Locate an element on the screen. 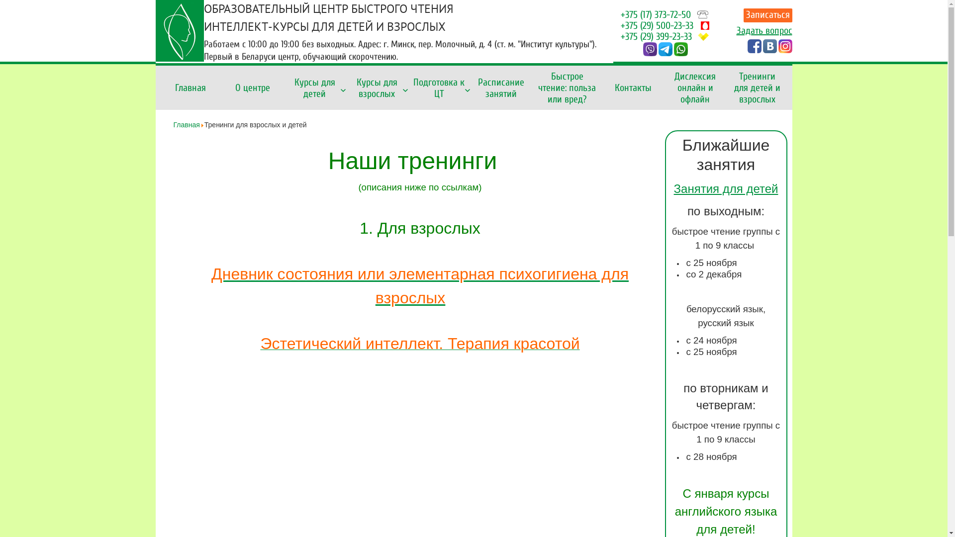 The image size is (955, 537). '+375 (17) 373-72-50' is located at coordinates (656, 14).